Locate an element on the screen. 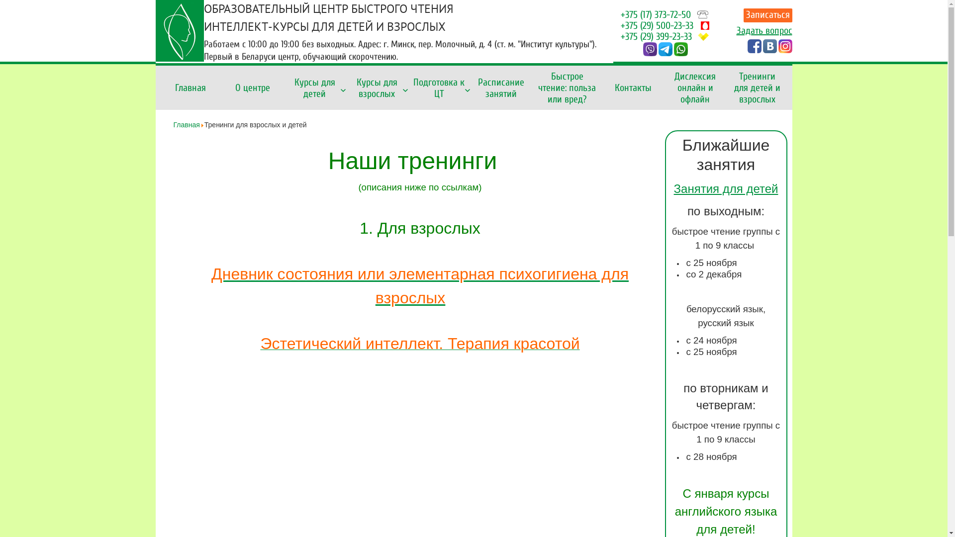 The image size is (955, 537). '+375 (17) 373-72-50' is located at coordinates (656, 14).